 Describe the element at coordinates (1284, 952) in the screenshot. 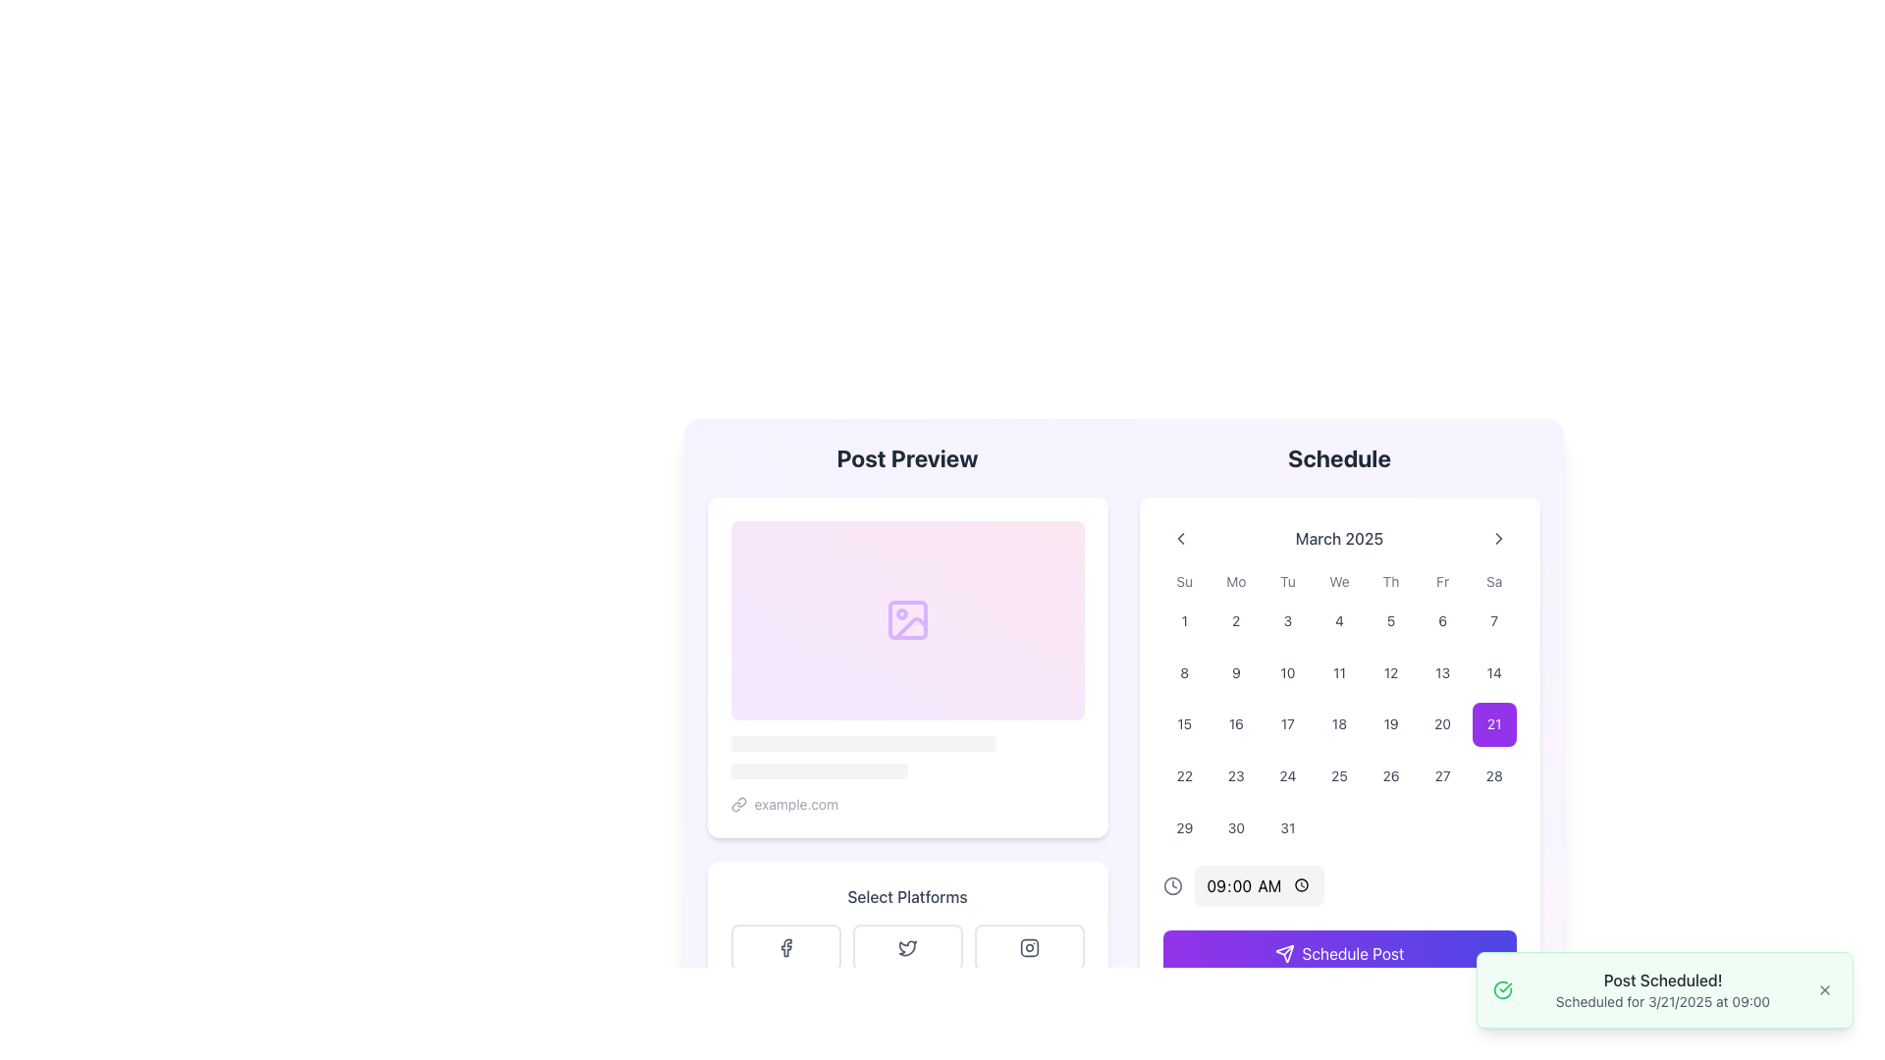

I see `the 'Schedule Post' button, which contains the SVG icon representing the 'send' or 'submit' action, located towards the lower right of the interface` at that location.